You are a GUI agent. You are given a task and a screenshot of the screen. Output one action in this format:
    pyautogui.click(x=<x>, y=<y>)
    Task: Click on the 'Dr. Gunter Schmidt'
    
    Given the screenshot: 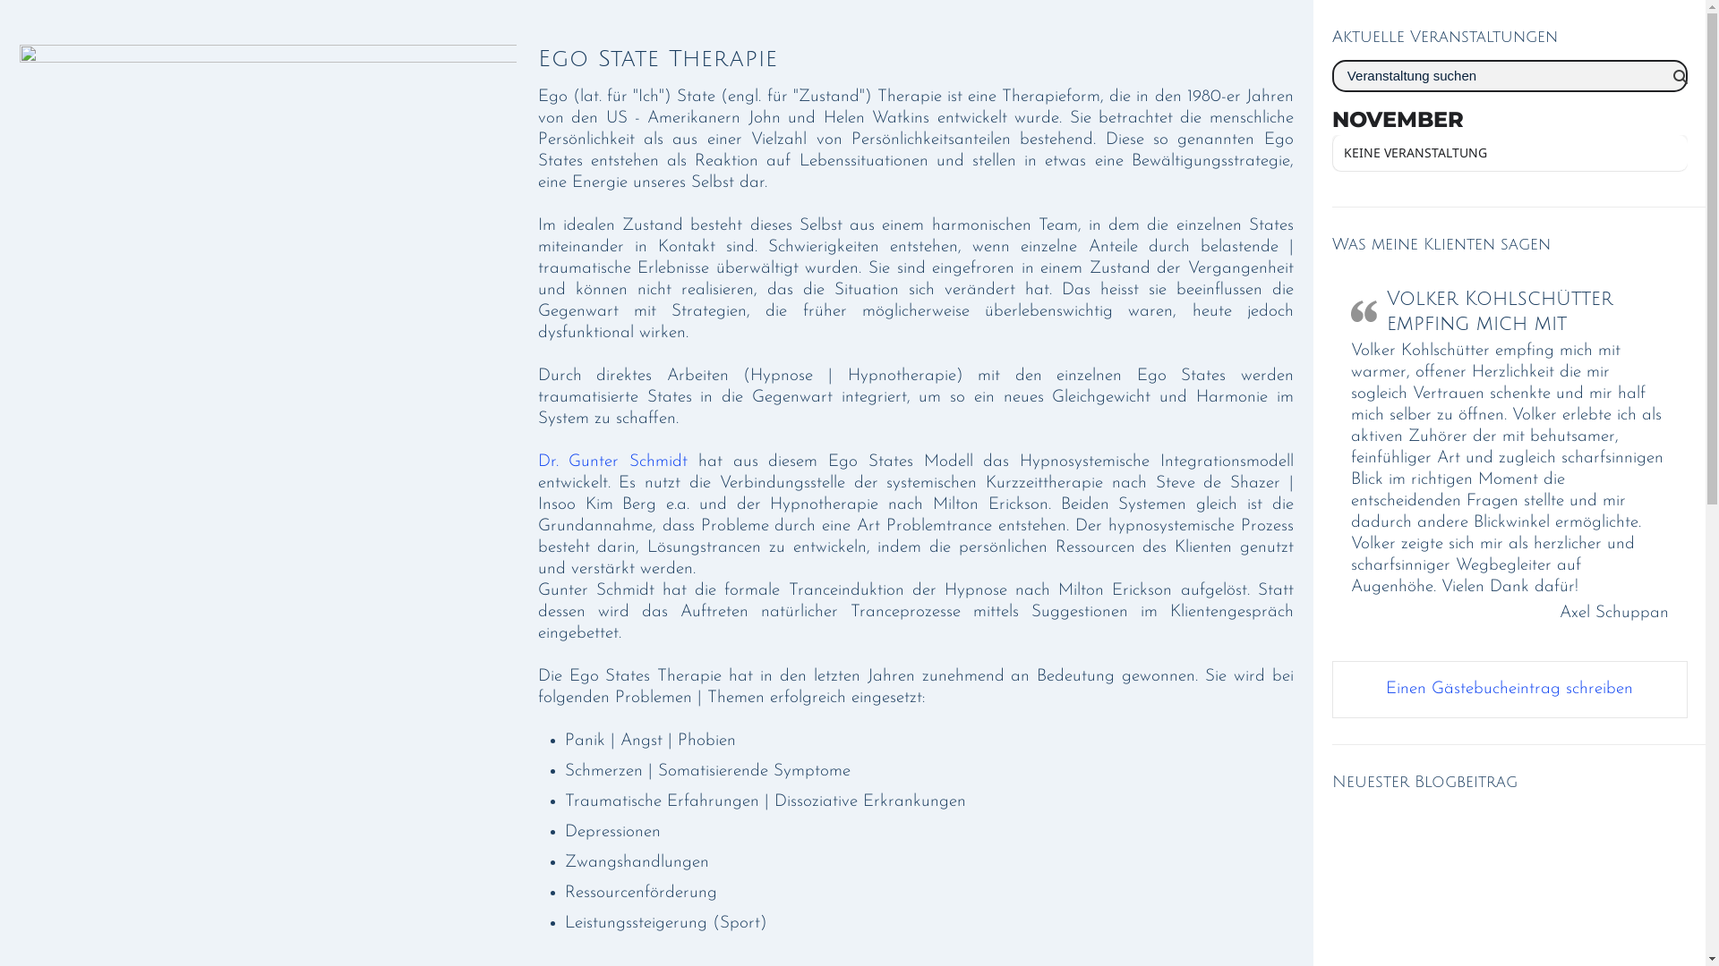 What is the action you would take?
    pyautogui.click(x=612, y=461)
    